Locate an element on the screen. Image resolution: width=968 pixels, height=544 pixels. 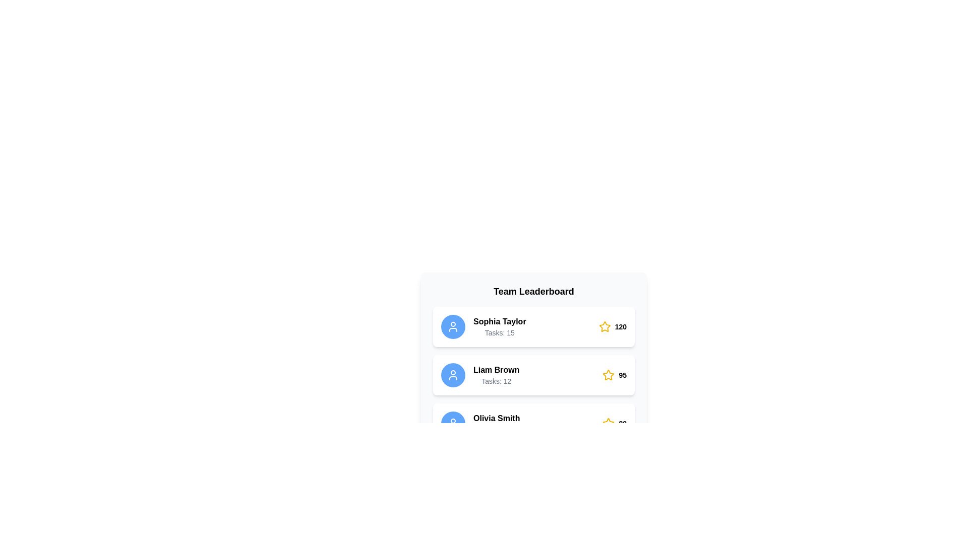
the user icon (SVG) representing the profile of Olivia Smith, which is located to the left of the text and above the line 'Tasks' in the leaderboard listing is located at coordinates (452, 423).